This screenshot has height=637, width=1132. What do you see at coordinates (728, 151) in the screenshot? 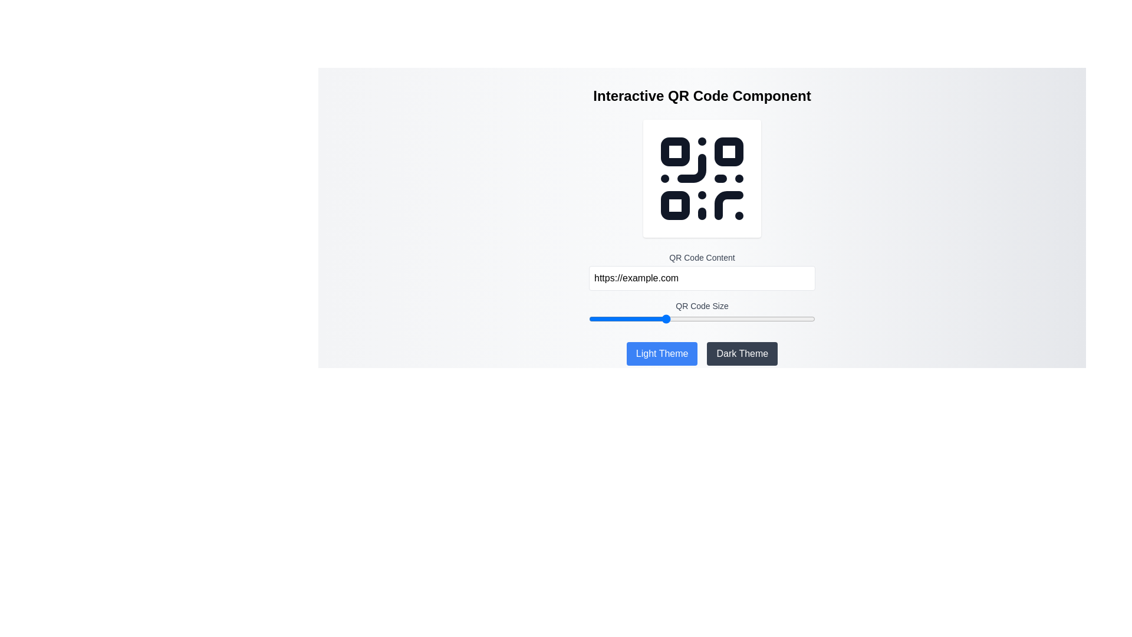
I see `the small square with a white fill and rounded corners located at the top-right of the QR code structure` at bounding box center [728, 151].